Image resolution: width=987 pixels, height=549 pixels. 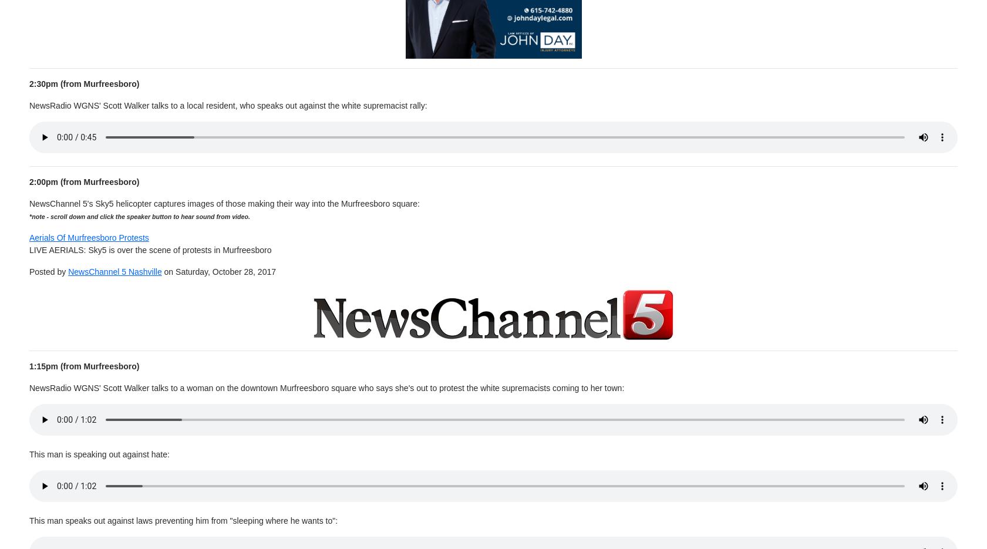 I want to click on 'This man speaks out against laws preventing him from "sleeping where he wants to":', so click(x=28, y=520).